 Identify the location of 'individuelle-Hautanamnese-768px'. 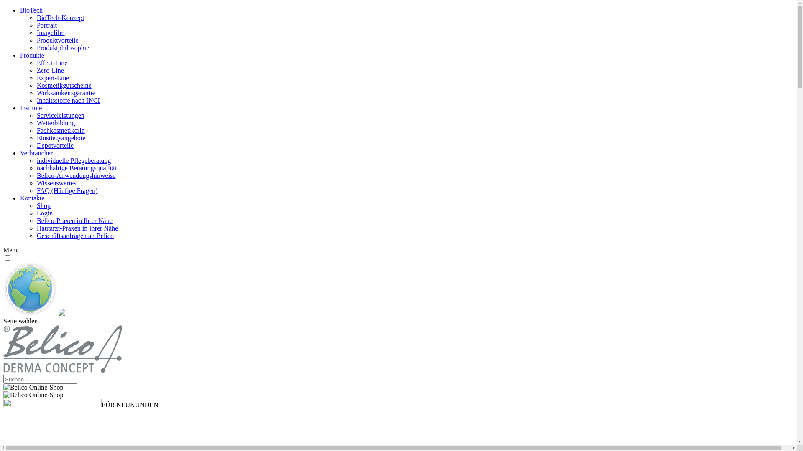
(3, 395).